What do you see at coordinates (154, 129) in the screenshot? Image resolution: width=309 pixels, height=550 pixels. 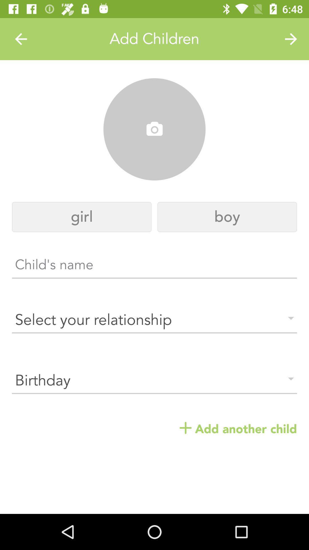 I see `the icon below the add children icon` at bounding box center [154, 129].